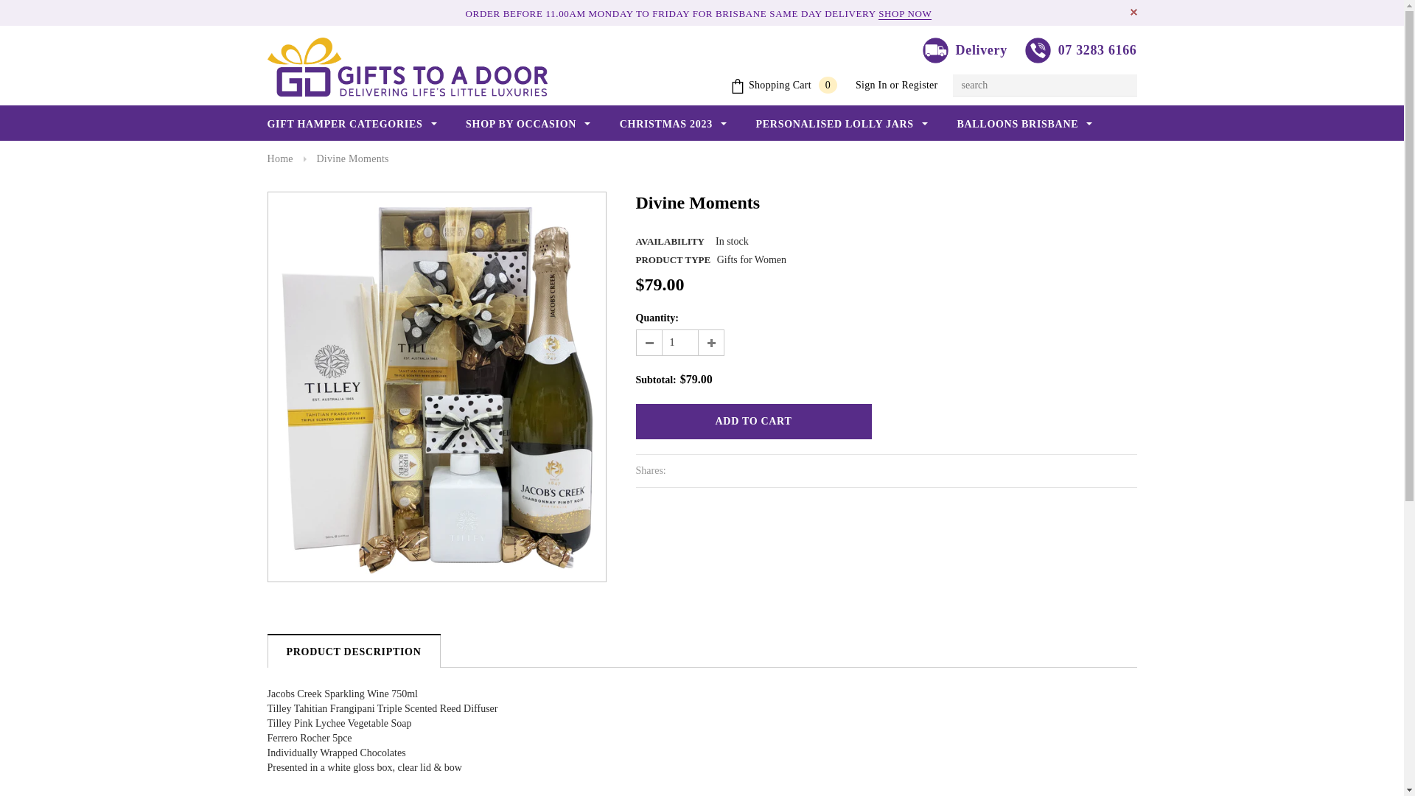 The height and width of the screenshot is (796, 1415). Describe the element at coordinates (1024, 124) in the screenshot. I see `'BALLOONS BRISBANE'` at that location.